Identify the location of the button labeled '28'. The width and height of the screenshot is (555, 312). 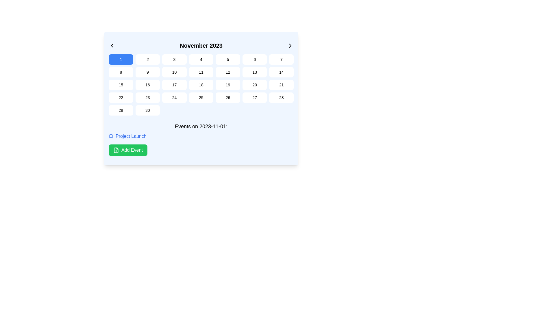
(281, 97).